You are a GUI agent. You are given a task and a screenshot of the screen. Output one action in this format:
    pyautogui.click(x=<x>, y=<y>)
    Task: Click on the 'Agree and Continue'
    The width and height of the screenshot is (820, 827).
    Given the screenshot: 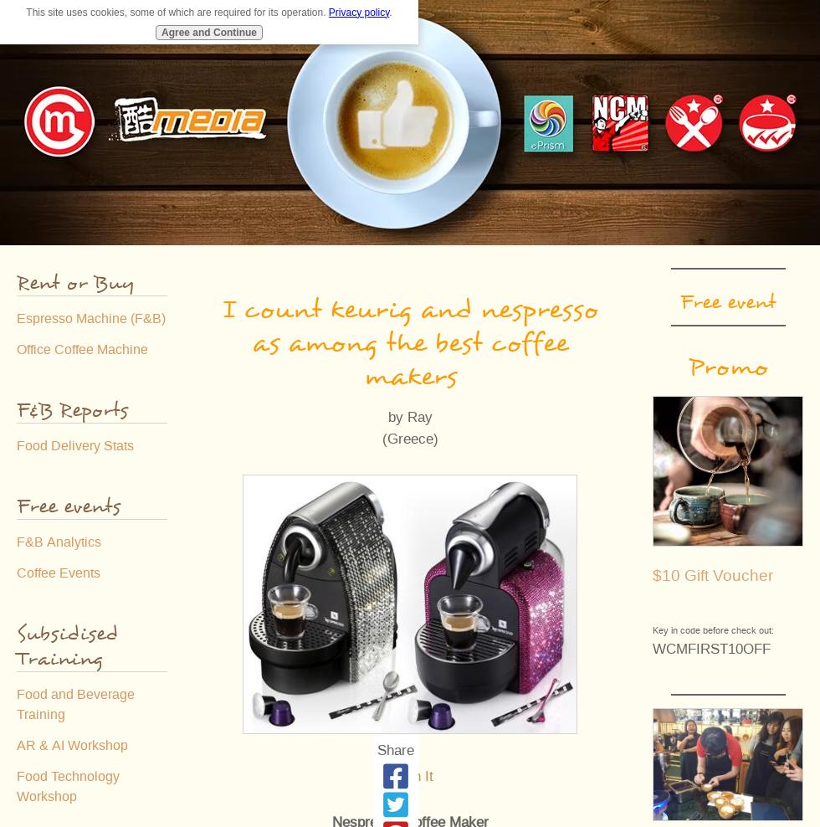 What is the action you would take?
    pyautogui.click(x=208, y=31)
    